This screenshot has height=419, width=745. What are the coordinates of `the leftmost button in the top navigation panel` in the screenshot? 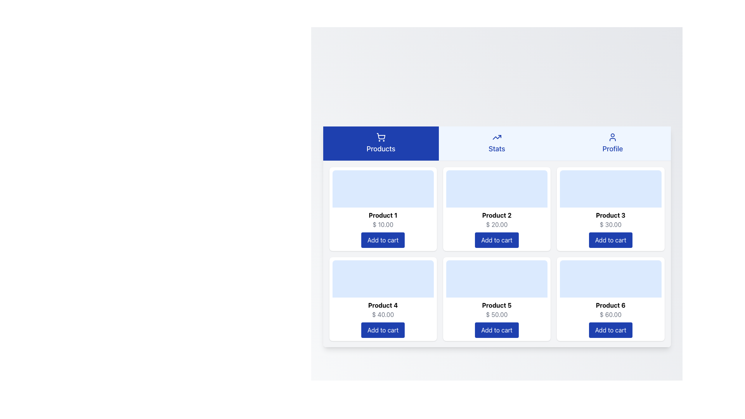 It's located at (381, 143).